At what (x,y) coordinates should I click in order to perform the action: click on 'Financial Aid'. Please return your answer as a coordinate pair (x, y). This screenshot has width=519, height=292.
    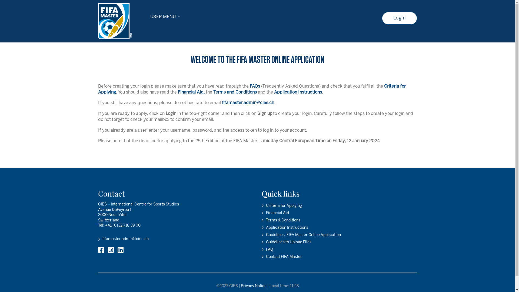
    Looking at the image, I should click on (275, 213).